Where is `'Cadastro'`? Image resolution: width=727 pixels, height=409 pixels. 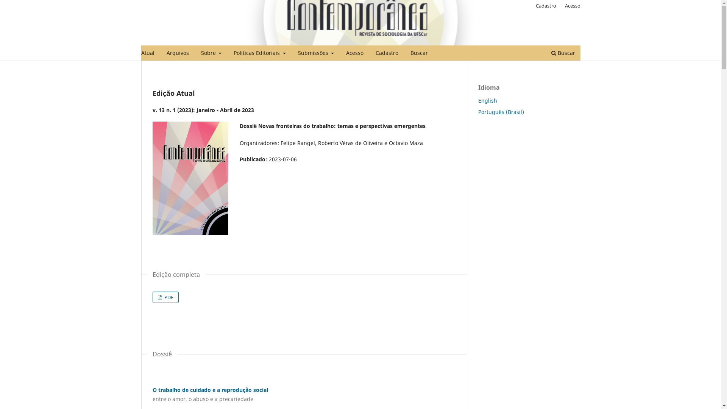
'Cadastro' is located at coordinates (546, 6).